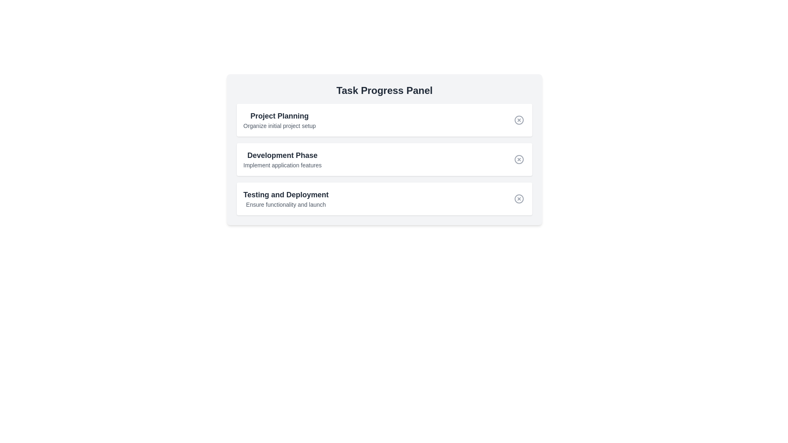 Image resolution: width=788 pixels, height=443 pixels. Describe the element at coordinates (519, 160) in the screenshot. I see `the circular icon button with a cross ('X') inscribed within it, located next to the text labeled 'Development Phase' in the second row of the list` at that location.